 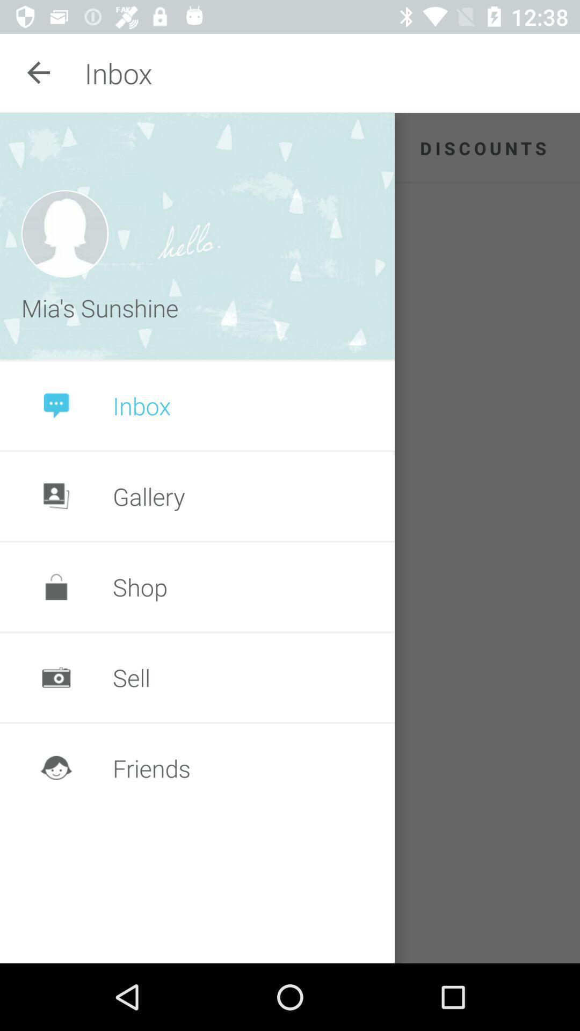 What do you see at coordinates (151, 767) in the screenshot?
I see `the friends` at bounding box center [151, 767].